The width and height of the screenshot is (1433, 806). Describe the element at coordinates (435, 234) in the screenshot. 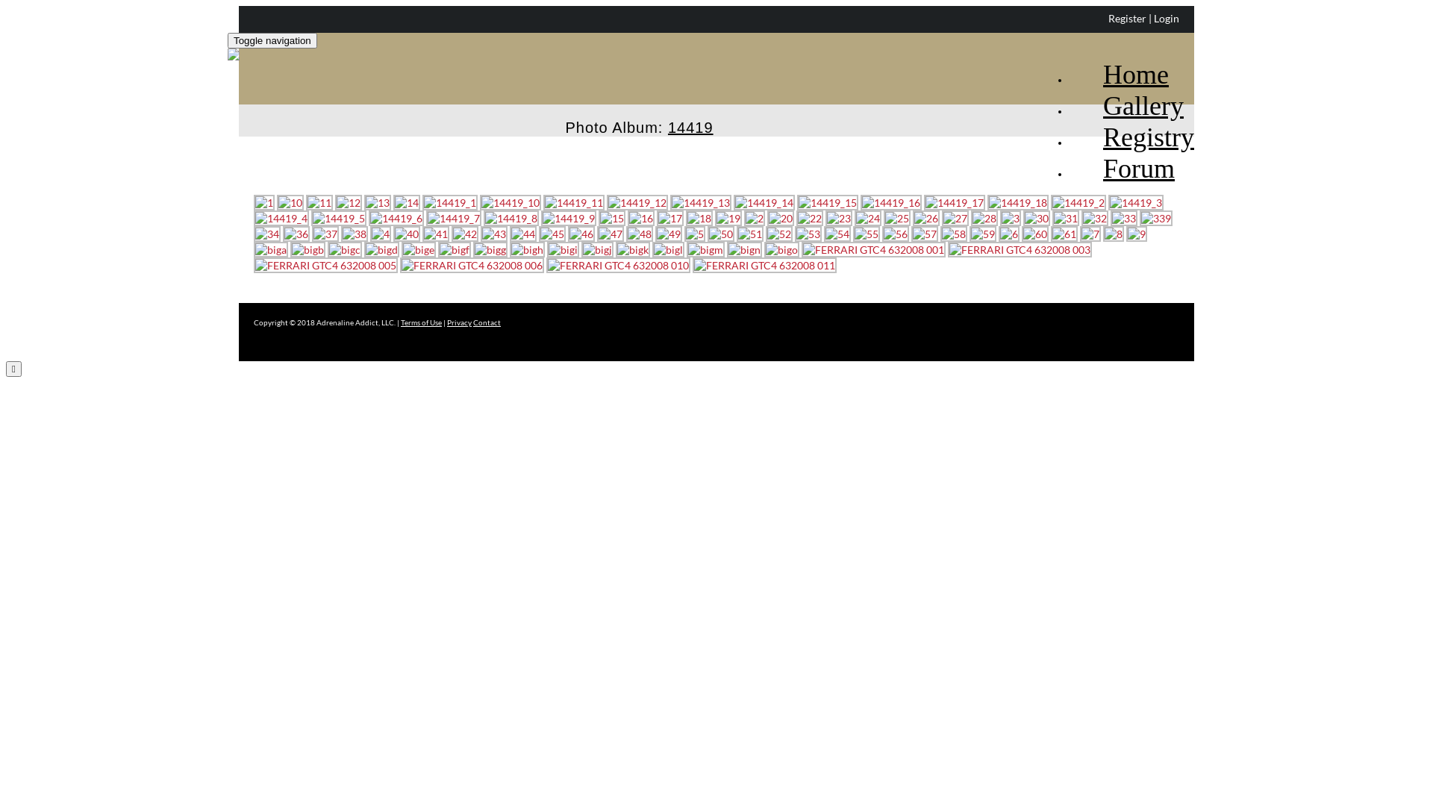

I see `'41 (click to enlarge)'` at that location.